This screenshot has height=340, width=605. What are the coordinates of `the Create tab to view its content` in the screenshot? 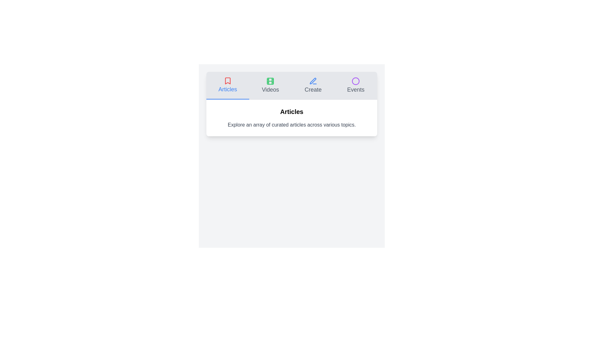 It's located at (313, 86).